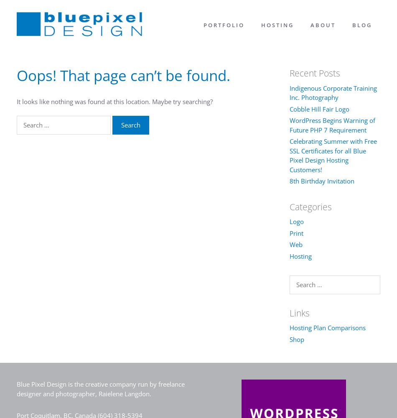 The image size is (397, 418). Describe the element at coordinates (296, 222) in the screenshot. I see `'Logo'` at that location.